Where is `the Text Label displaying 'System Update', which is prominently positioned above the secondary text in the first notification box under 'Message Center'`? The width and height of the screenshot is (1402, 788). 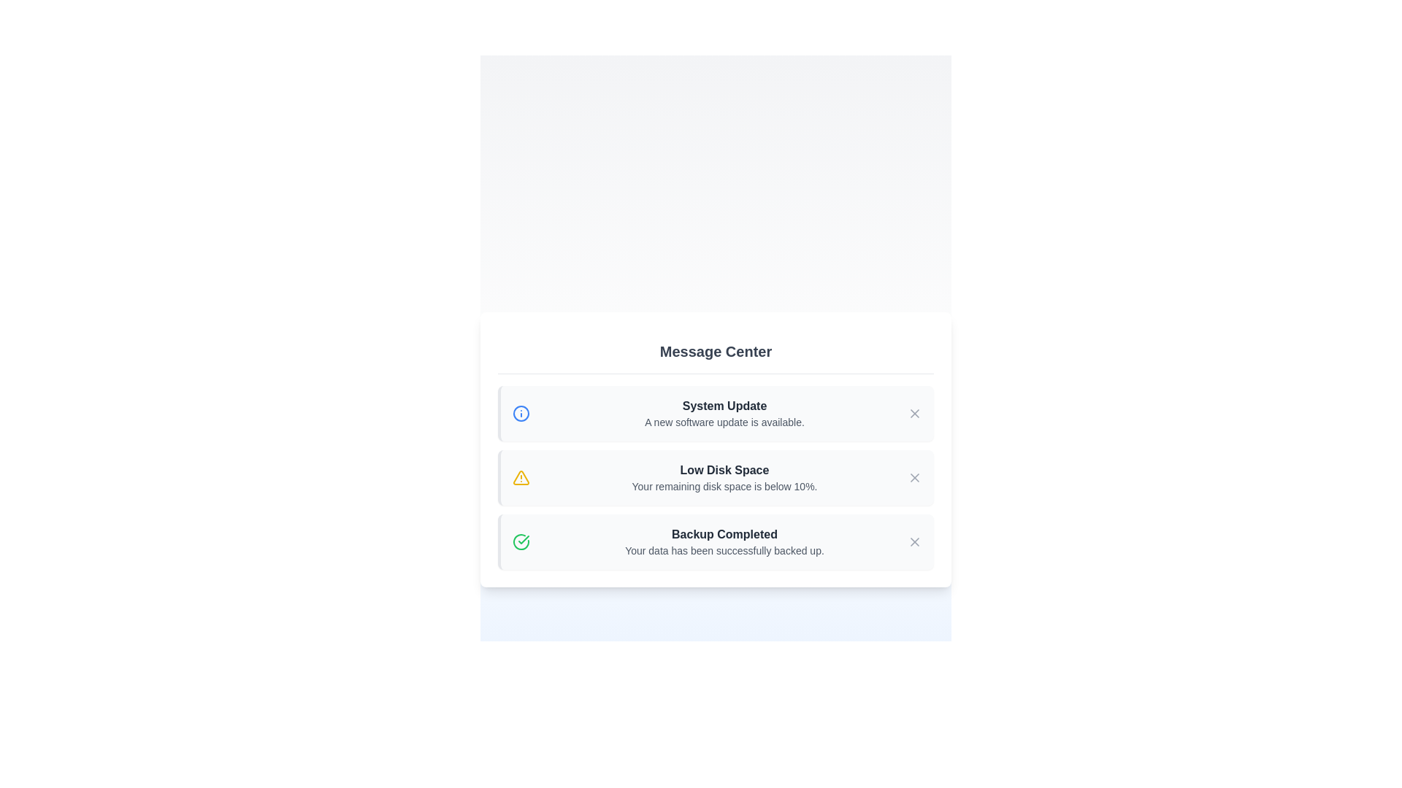 the Text Label displaying 'System Update', which is prominently positioned above the secondary text in the first notification box under 'Message Center' is located at coordinates (724, 406).